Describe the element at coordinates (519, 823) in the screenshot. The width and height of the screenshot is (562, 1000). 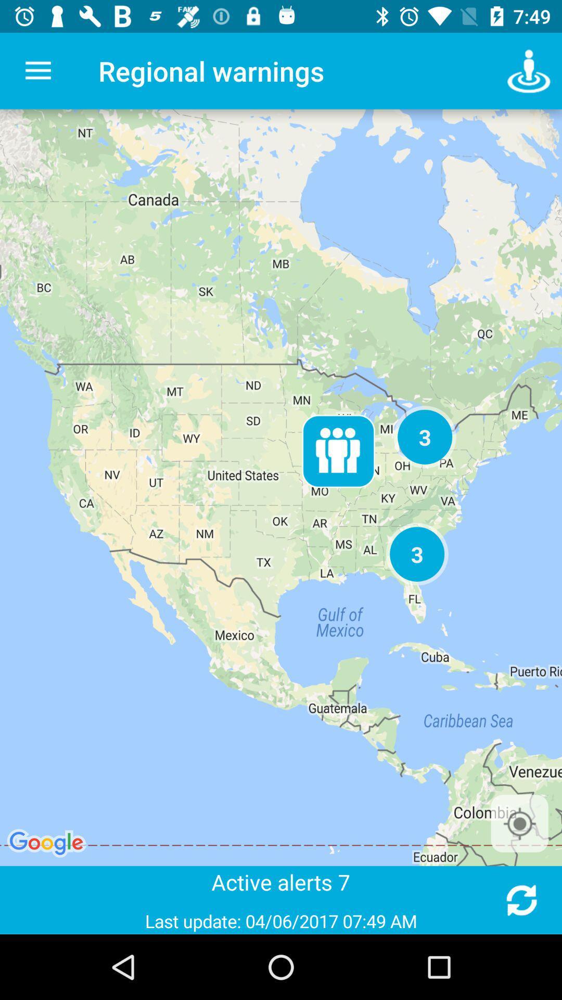
I see `locate me` at that location.